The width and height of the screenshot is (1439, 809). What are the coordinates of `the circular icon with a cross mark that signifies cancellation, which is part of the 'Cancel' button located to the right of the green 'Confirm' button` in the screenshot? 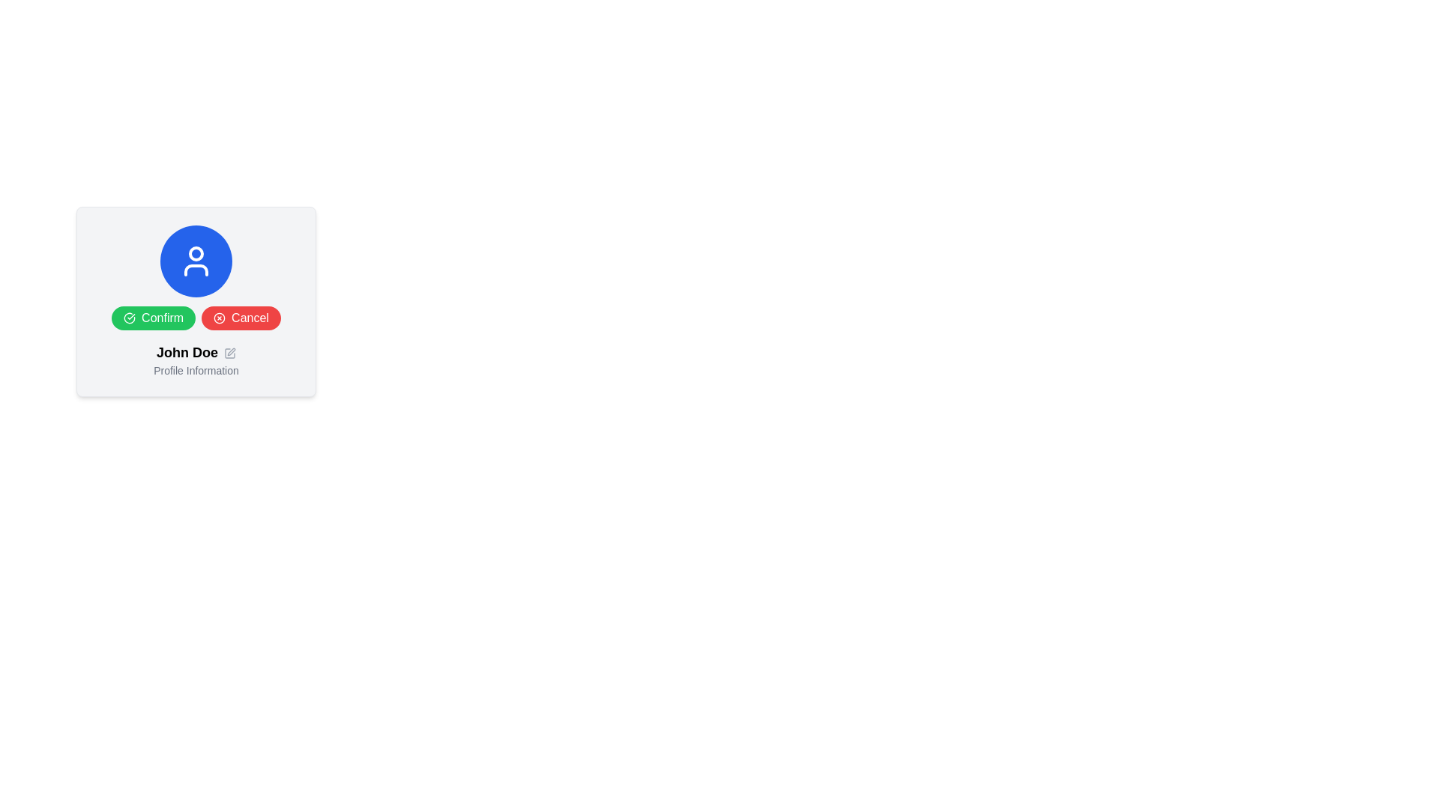 It's located at (219, 317).